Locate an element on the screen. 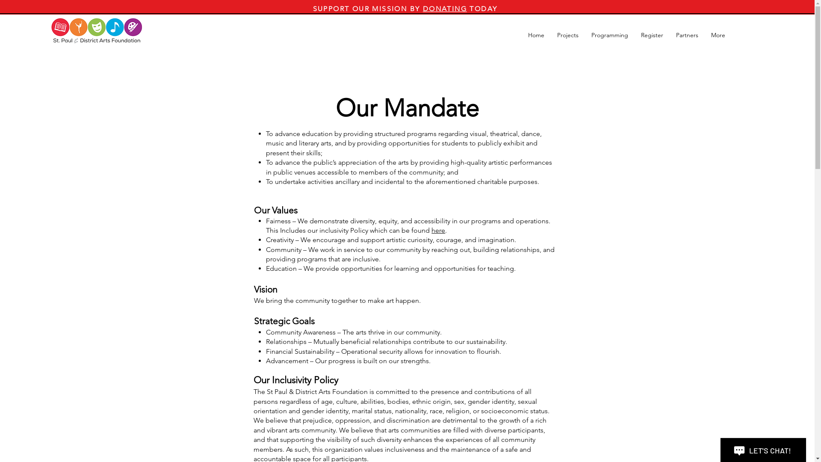 The width and height of the screenshot is (821, 462). 'Home' is located at coordinates (535, 34).